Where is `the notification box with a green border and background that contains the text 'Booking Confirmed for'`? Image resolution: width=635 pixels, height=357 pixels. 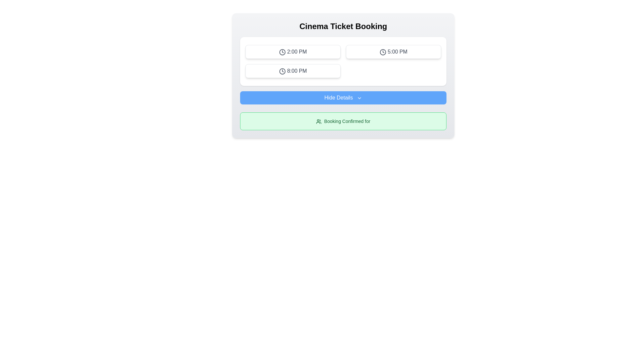
the notification box with a green border and background that contains the text 'Booking Confirmed for' is located at coordinates (343, 121).